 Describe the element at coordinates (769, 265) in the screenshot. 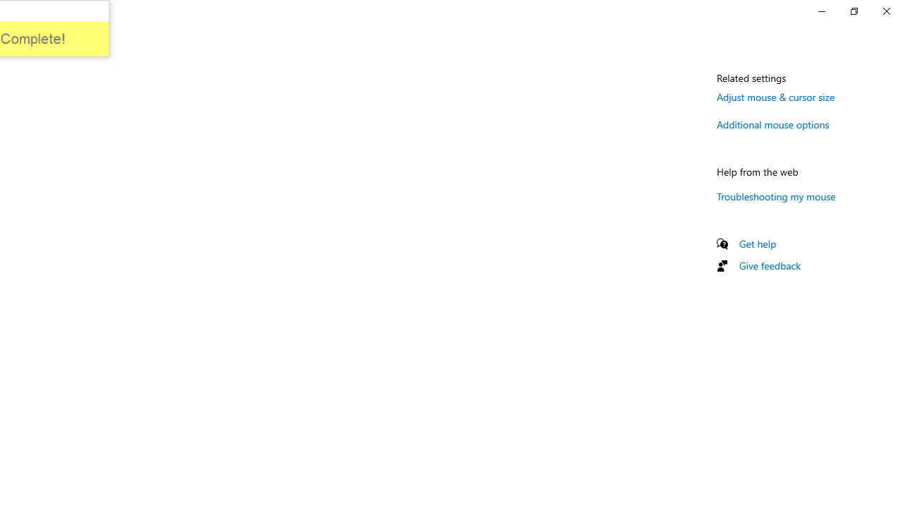

I see `'Give feedback'` at that location.